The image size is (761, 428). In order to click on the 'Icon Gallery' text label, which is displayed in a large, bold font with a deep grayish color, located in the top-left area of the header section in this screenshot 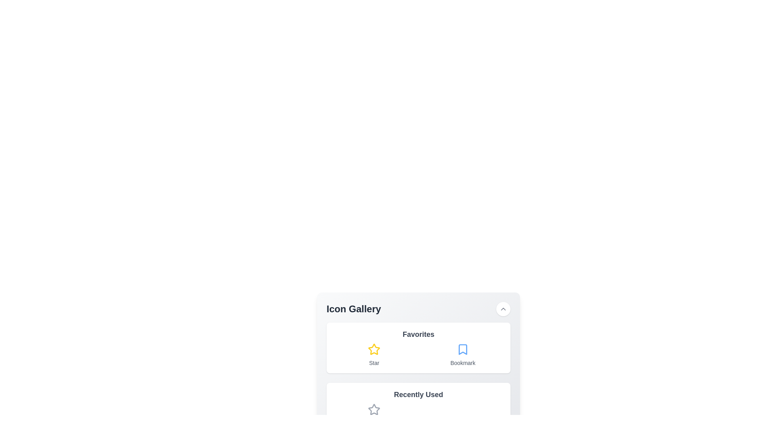, I will do `click(353, 308)`.